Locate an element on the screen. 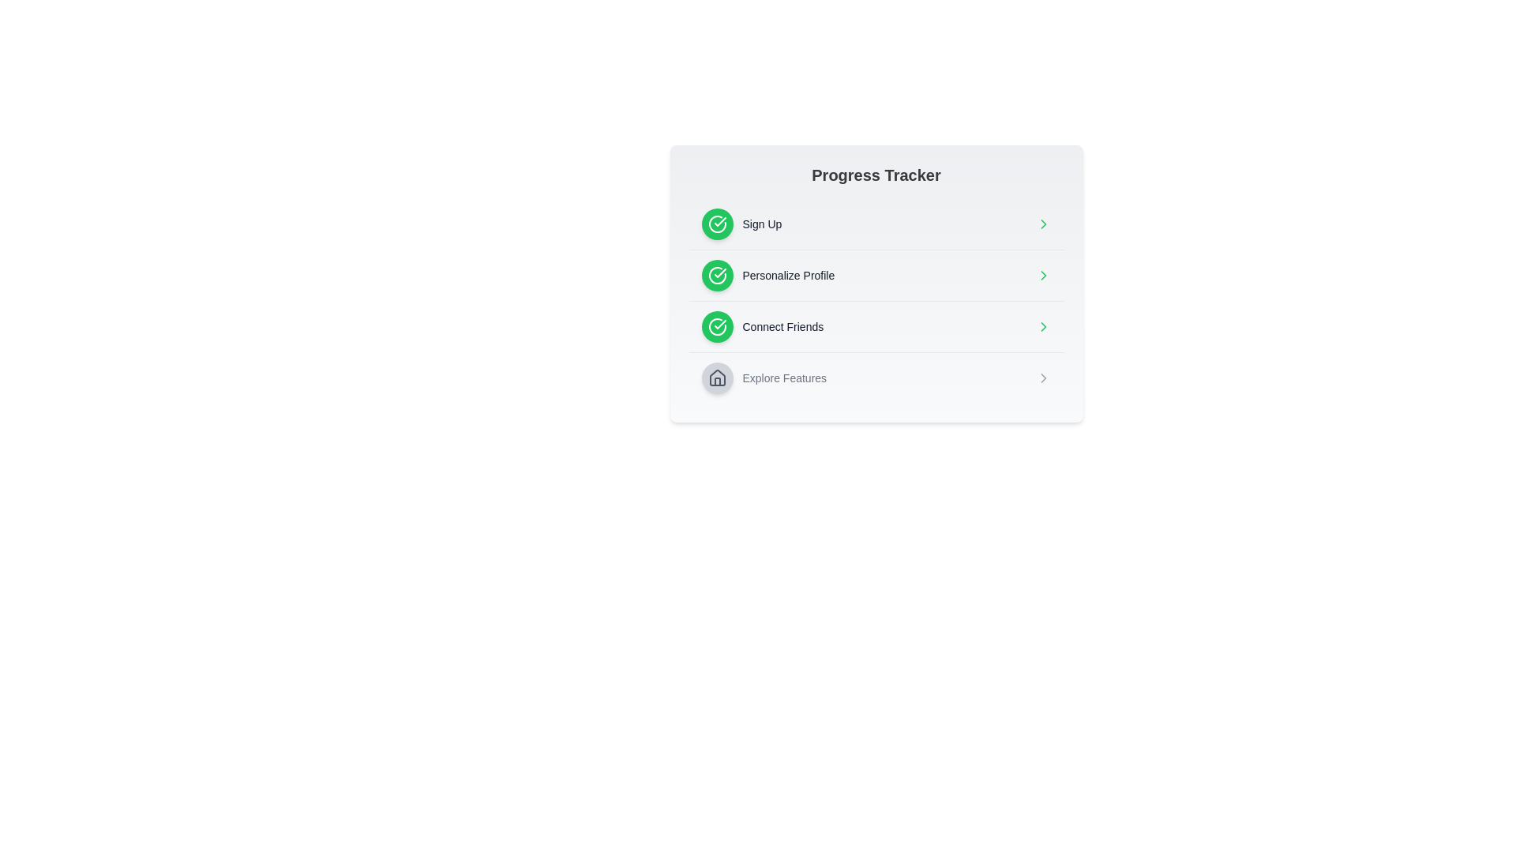 The width and height of the screenshot is (1516, 853). the green circular symbol segment associated with the 'Personalize Profile' step in the progress tracking UI is located at coordinates (716, 274).